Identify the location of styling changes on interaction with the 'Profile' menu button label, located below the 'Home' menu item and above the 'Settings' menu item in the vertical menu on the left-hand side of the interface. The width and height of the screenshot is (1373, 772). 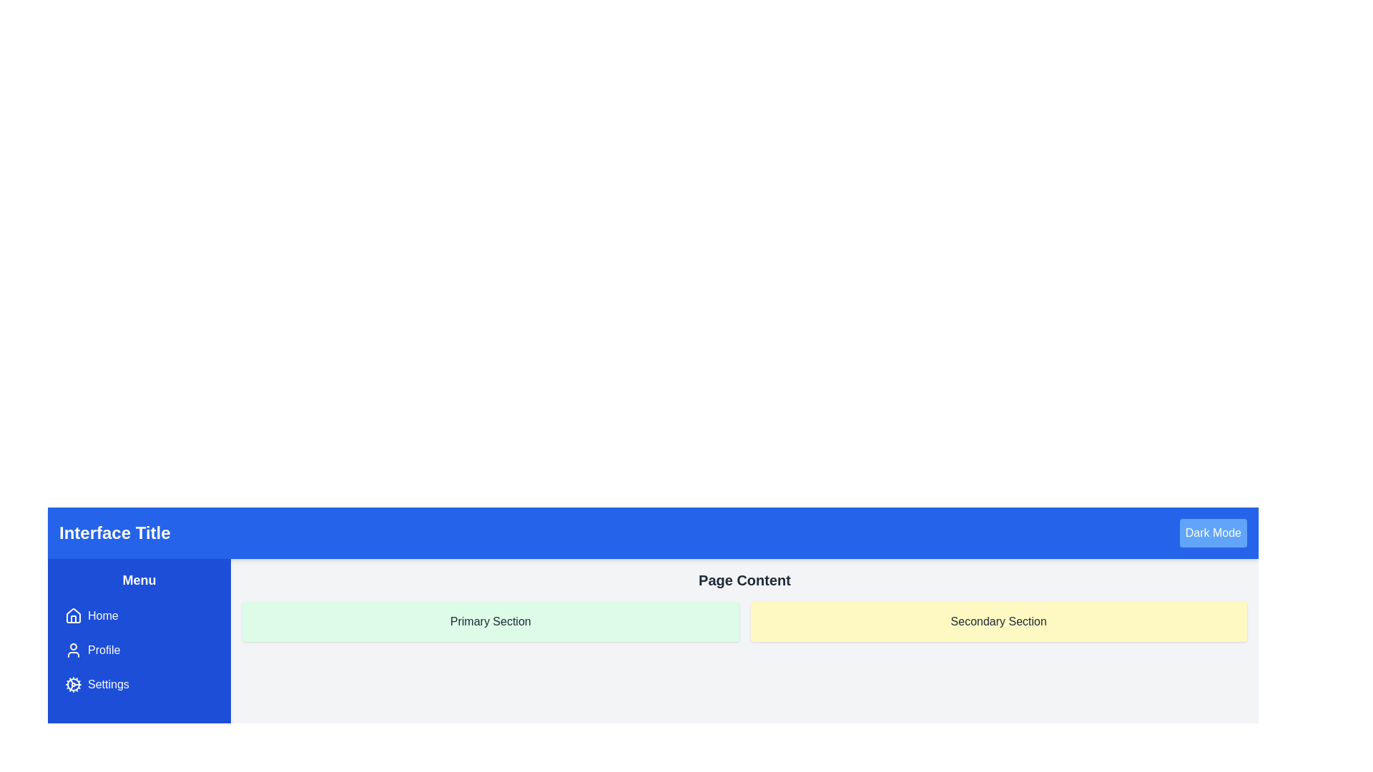
(103, 650).